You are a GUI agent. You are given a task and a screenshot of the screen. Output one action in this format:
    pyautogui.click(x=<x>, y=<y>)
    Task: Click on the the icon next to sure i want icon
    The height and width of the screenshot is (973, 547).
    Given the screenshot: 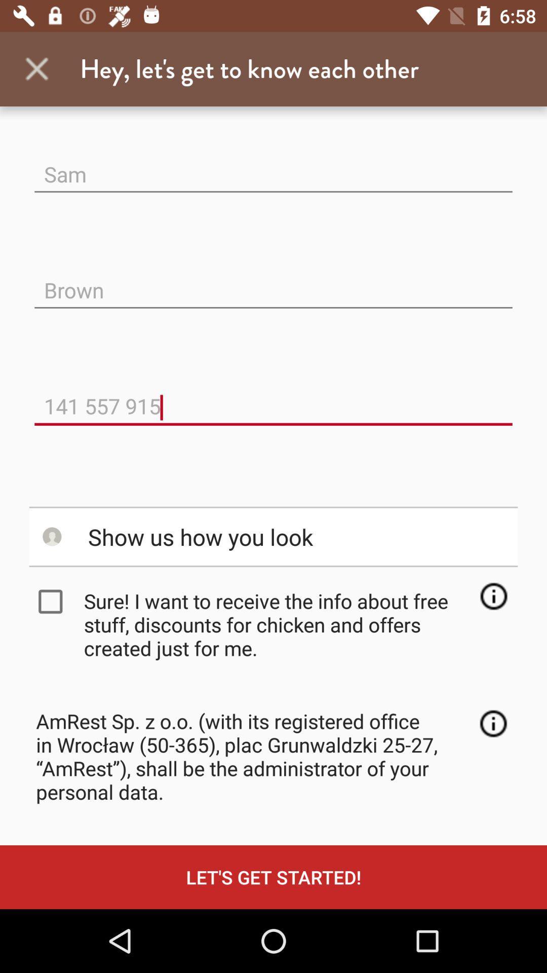 What is the action you would take?
    pyautogui.click(x=53, y=602)
    